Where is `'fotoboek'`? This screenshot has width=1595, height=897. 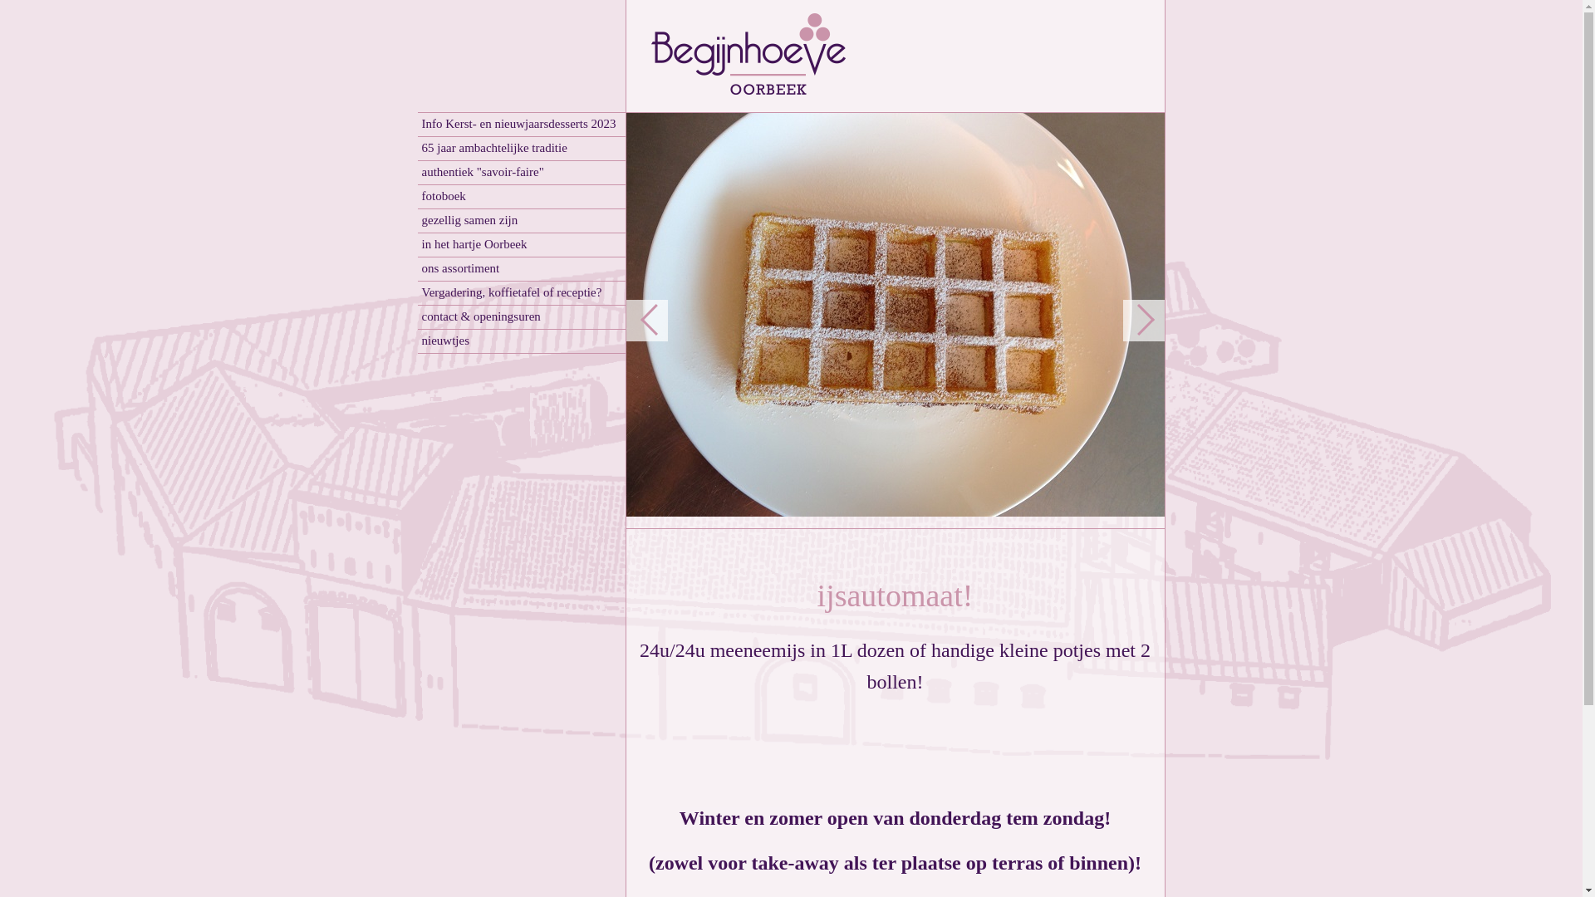
'fotoboek' is located at coordinates (520, 196).